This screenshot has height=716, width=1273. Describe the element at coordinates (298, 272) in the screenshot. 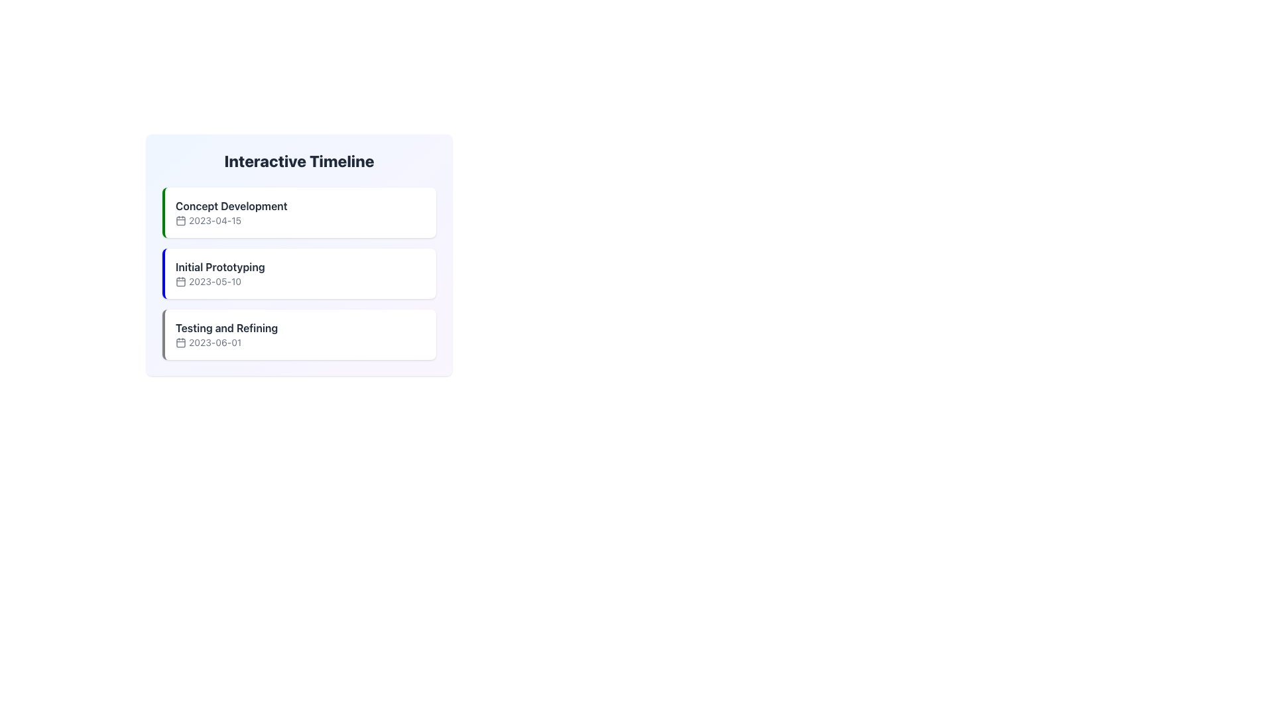

I see `the timeline entry labeled 'Initial Prototyping'` at that location.